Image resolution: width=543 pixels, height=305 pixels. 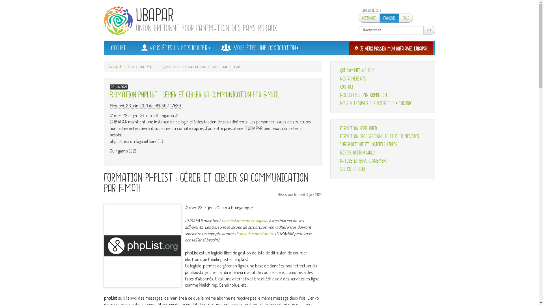 I want to click on 'une instance de ce logiciel', so click(x=245, y=220).